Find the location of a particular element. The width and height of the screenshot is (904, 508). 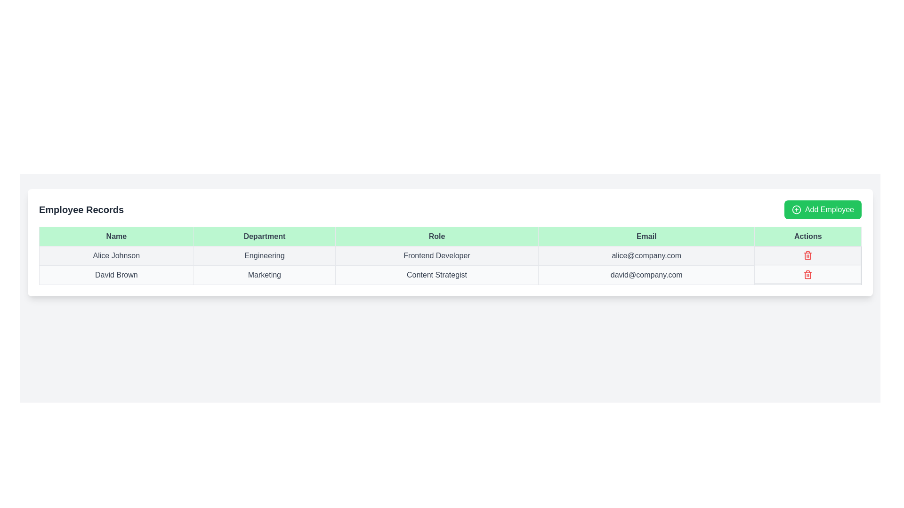

the 'Marketing' label in the second column of the second row of the data table, which displays the department name for David Brown is located at coordinates (264, 275).